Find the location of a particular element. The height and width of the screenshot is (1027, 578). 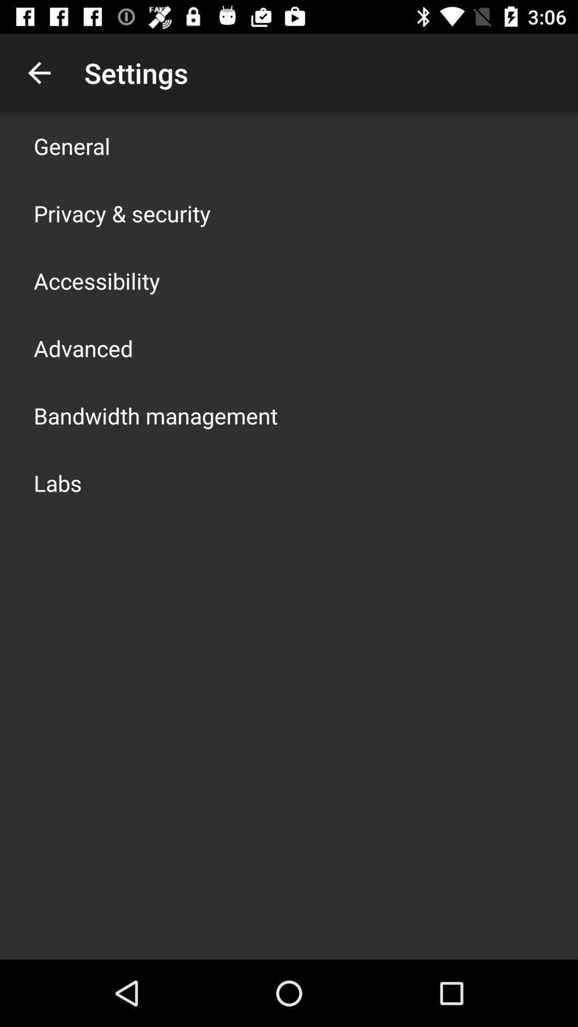

the app to the left of settings icon is located at coordinates (39, 72).